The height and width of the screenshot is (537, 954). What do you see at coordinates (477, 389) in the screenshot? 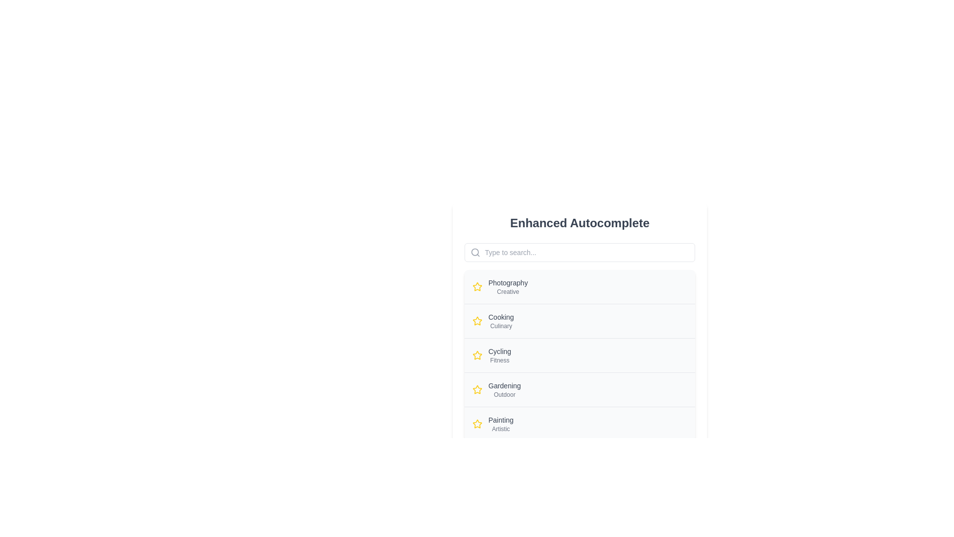
I see `the yellow star icon with a white fill that is styled with a stroke effect, which is visually aligned with the text 'Gardening' and 'Outdoor', located on the fourth row of a vertically stacked list` at bounding box center [477, 389].